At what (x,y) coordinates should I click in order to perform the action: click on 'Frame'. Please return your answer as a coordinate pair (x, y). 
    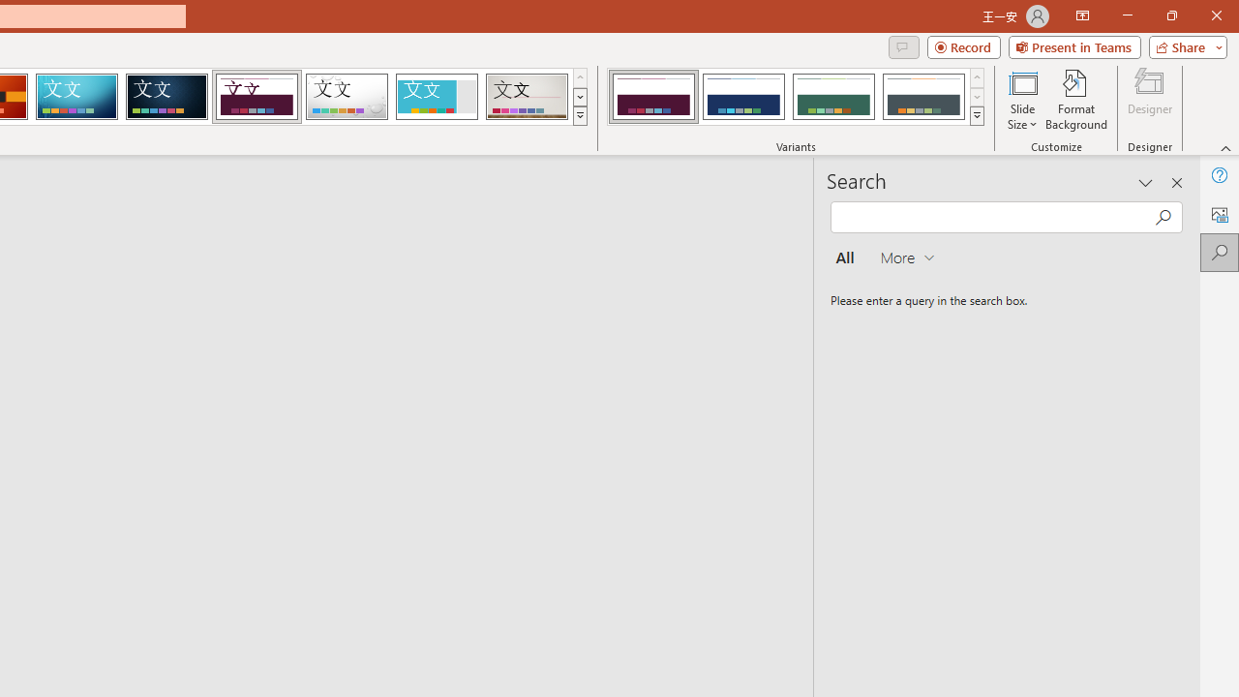
    Looking at the image, I should click on (436, 97).